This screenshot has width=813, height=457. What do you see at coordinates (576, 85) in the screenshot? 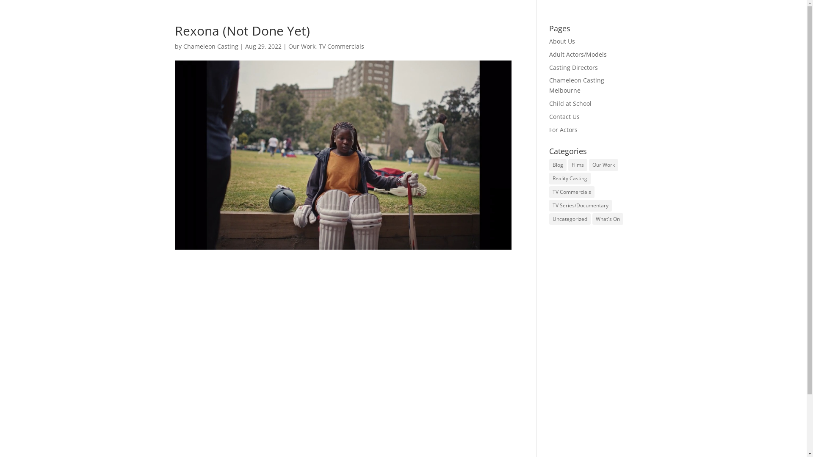
I see `'Chameleon Casting Melbourne'` at bounding box center [576, 85].